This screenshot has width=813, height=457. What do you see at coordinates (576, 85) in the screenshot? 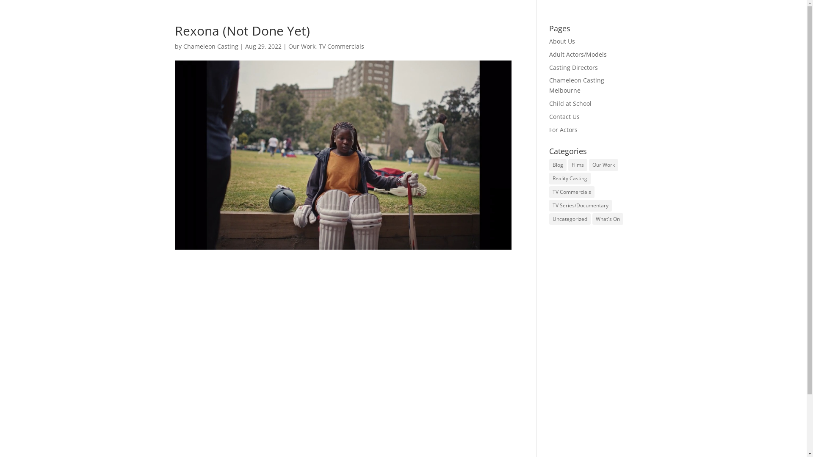
I see `'Chameleon Casting Melbourne'` at bounding box center [576, 85].